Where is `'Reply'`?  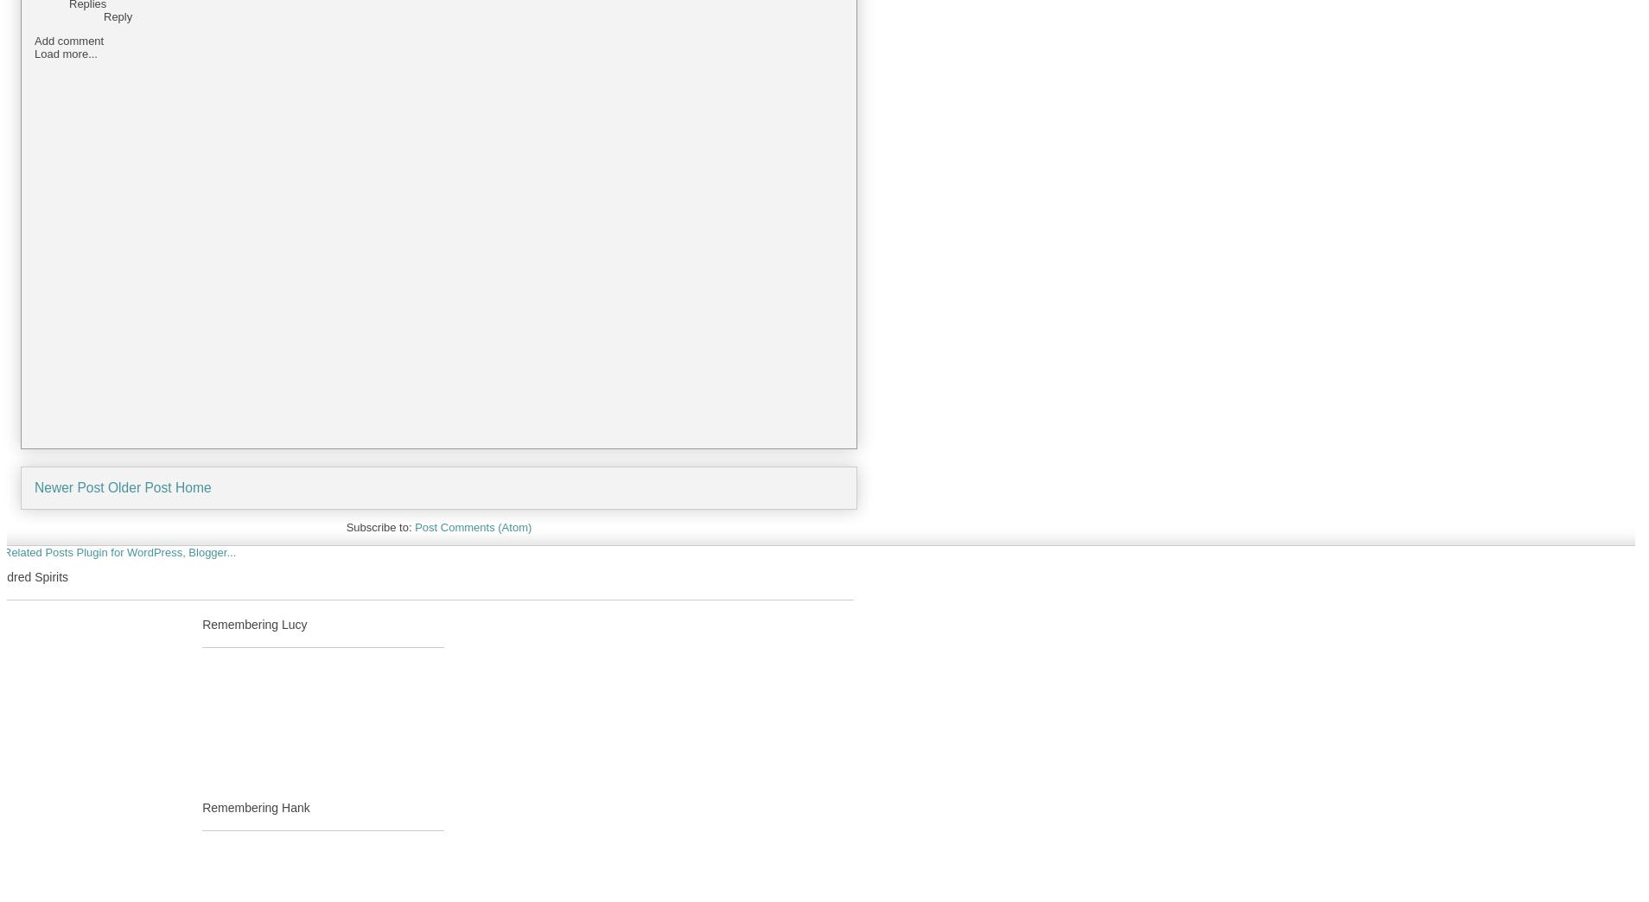 'Reply' is located at coordinates (117, 16).